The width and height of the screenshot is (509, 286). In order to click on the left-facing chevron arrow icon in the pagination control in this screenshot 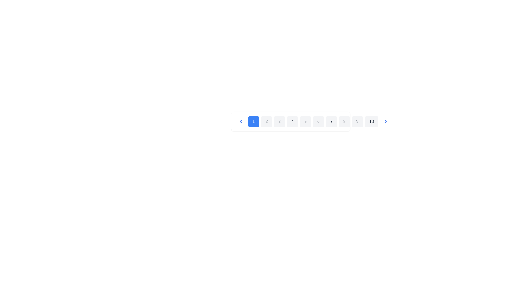, I will do `click(240, 122)`.